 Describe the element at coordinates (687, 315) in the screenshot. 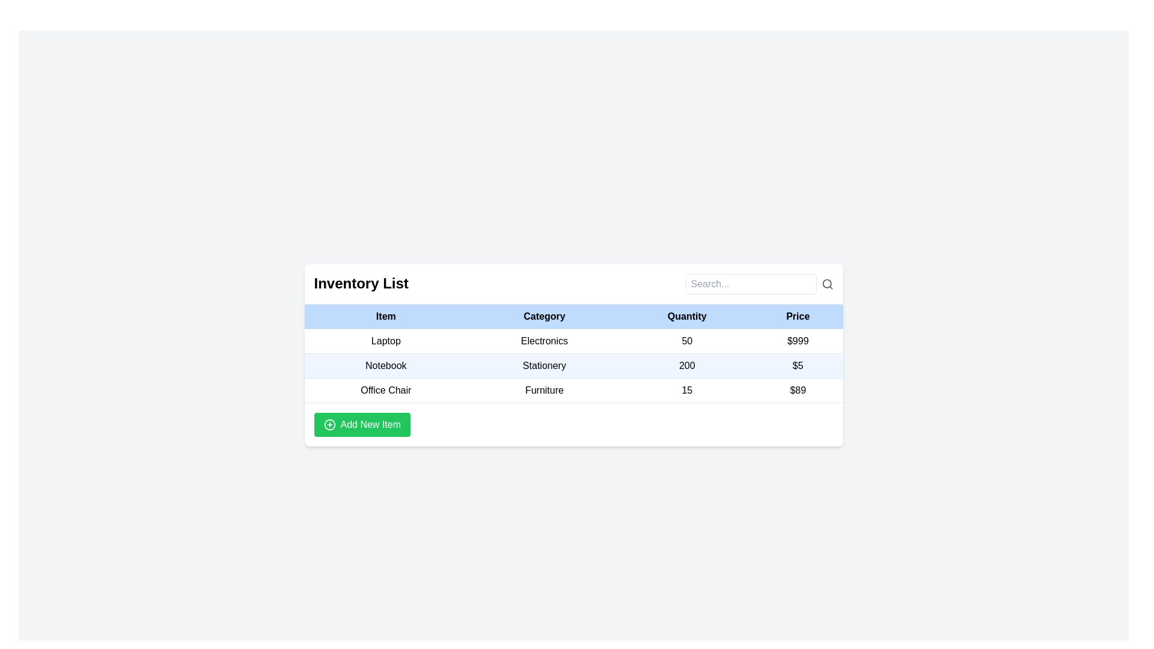

I see `the static text element displaying 'Quantity' in bold, black typeface, which is the third header in the table layout, positioned between 'Category' and 'Price'` at that location.